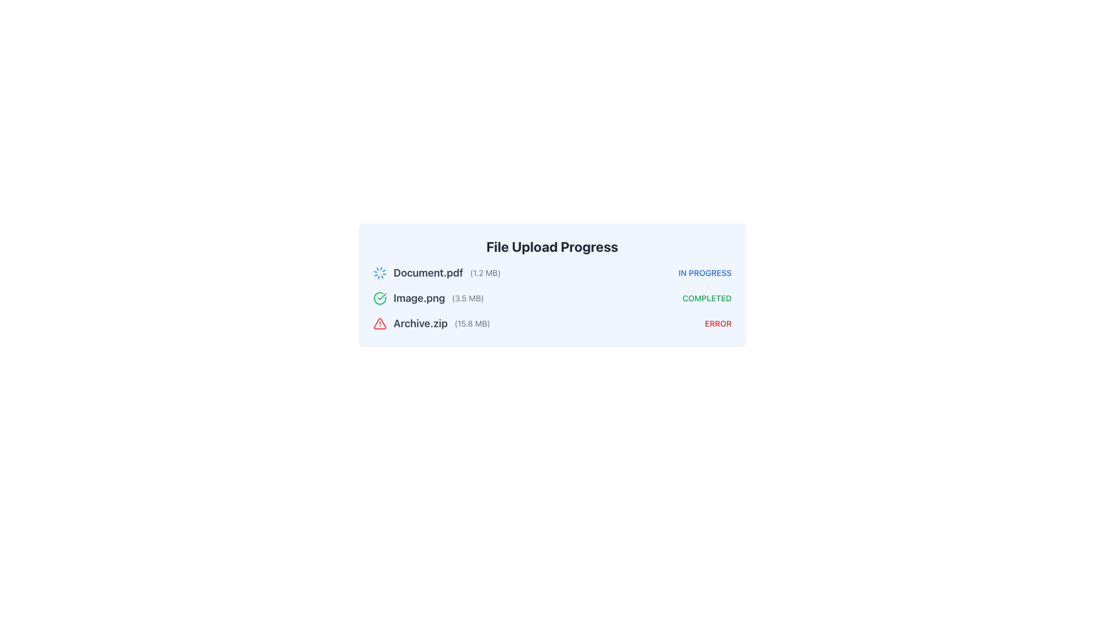 The width and height of the screenshot is (1104, 621). I want to click on the text label displaying the size of the 'Document.pdf' file being uploaded, which is located immediately to the right of the 'Document.pdf' text and before the 'IN PROGRESS' status indicator, so click(485, 273).